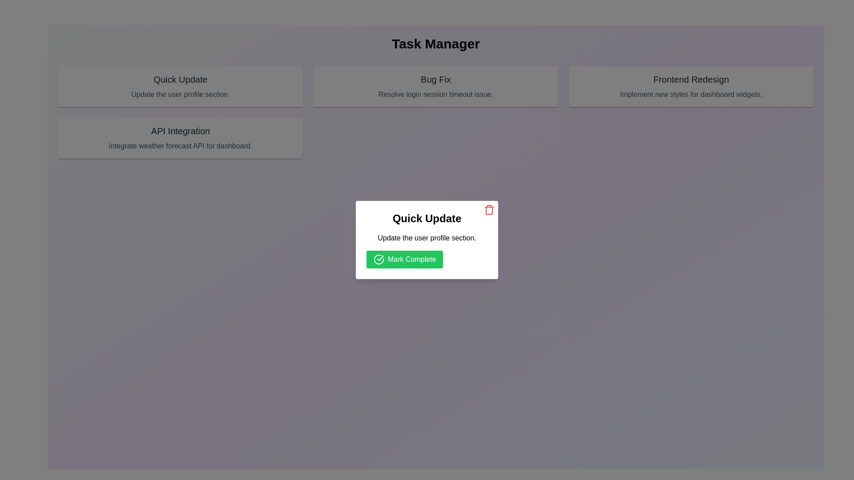 This screenshot has width=854, height=480. I want to click on the confirmation button in the 'Quick Update' modal, so click(404, 259).